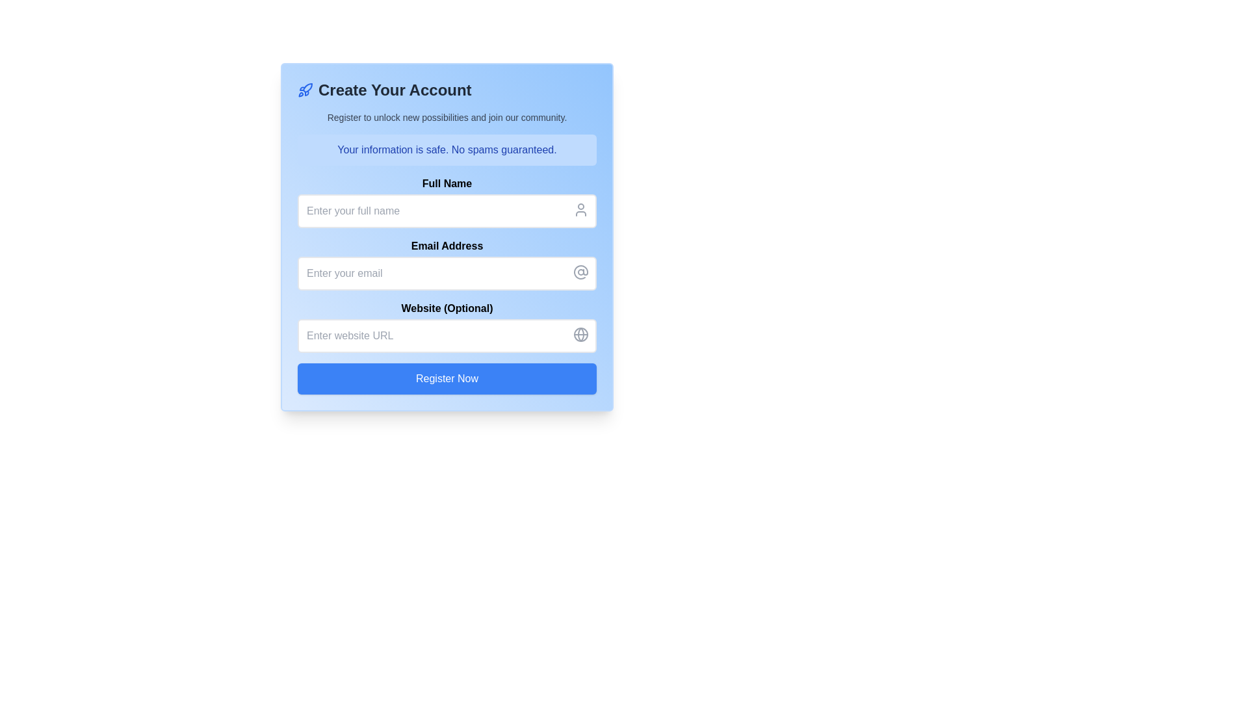  Describe the element at coordinates (447, 272) in the screenshot. I see `the email input field located centrally in the 'Email Address' section` at that location.